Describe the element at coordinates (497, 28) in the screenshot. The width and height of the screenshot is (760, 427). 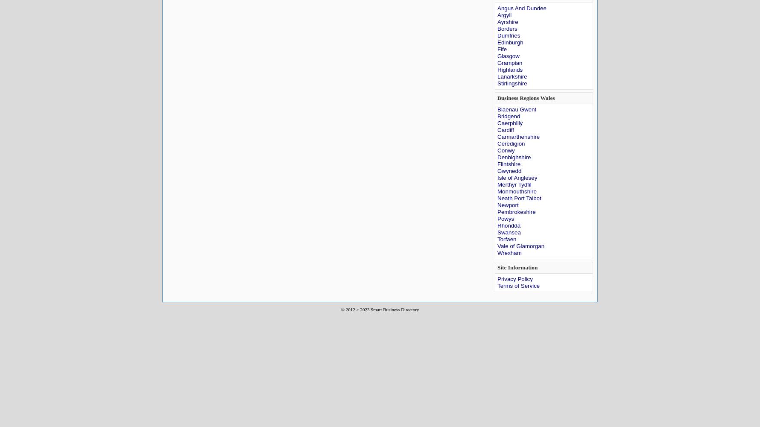
I see `'Borders'` at that location.